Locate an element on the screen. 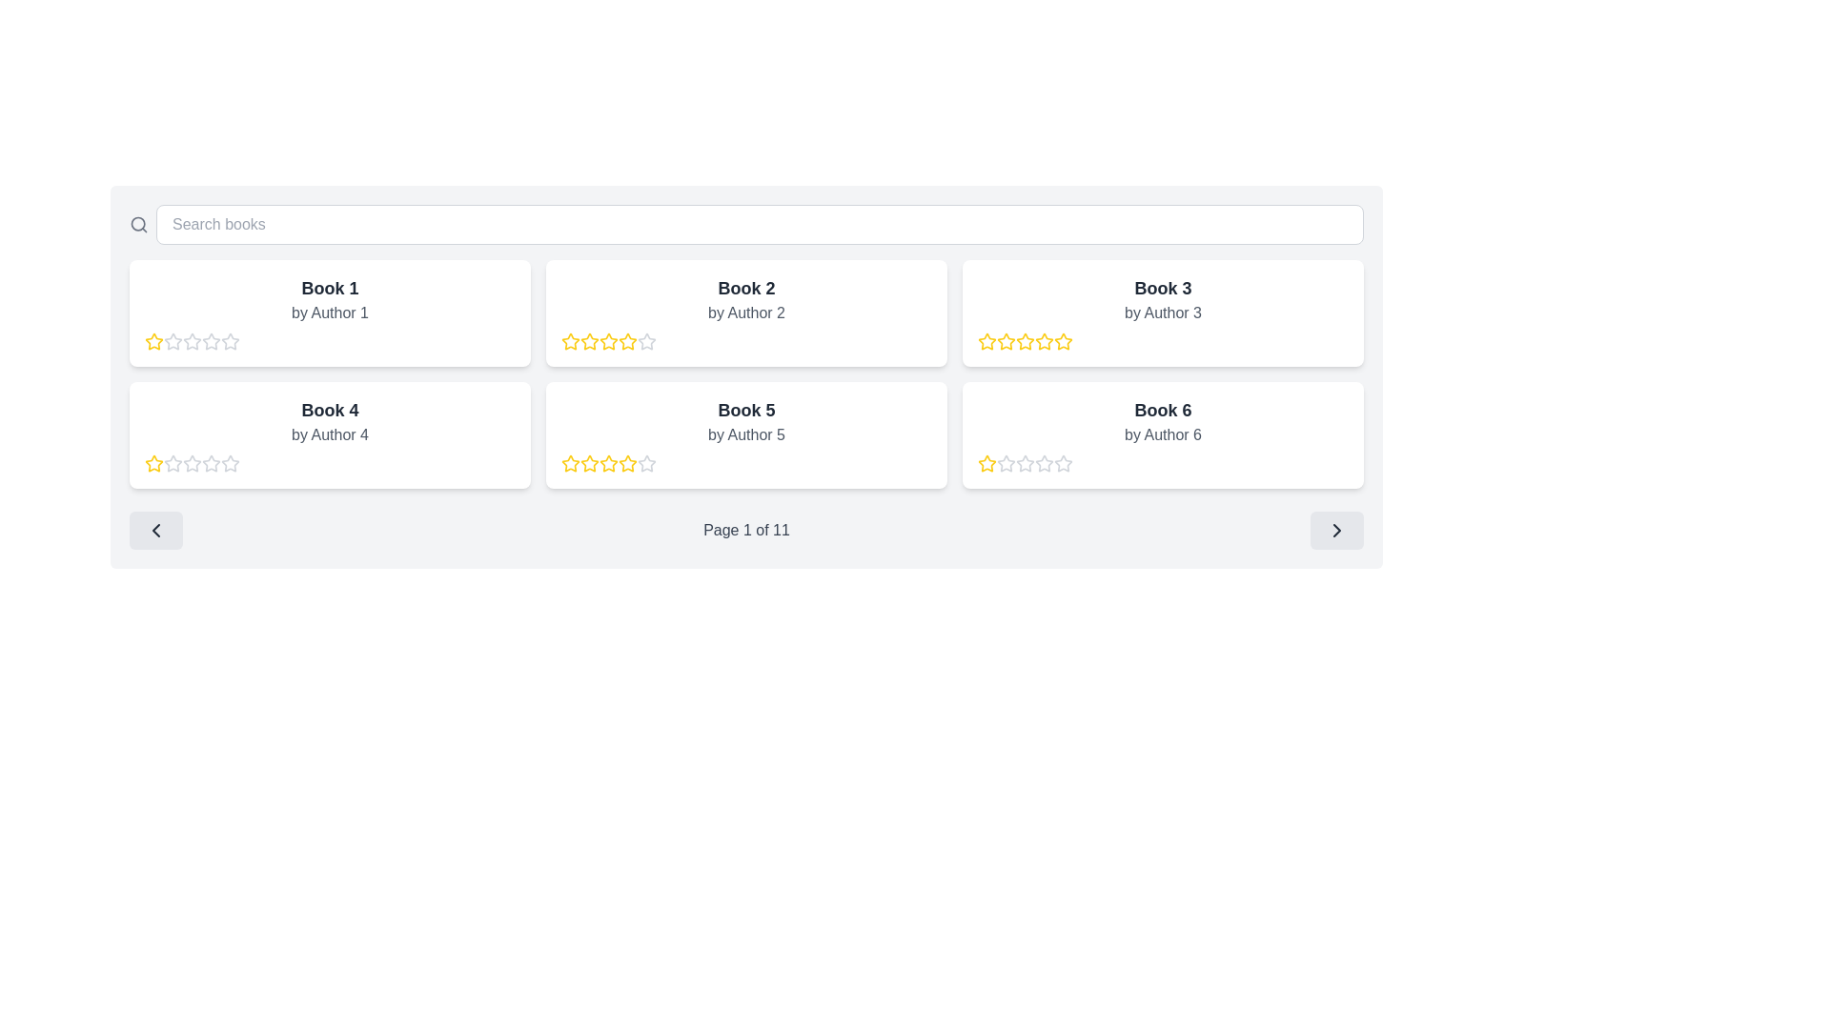 The image size is (1830, 1029). the fifth yellow star icon in the rating component of the 'Book 5' card to rate it is located at coordinates (607, 463).